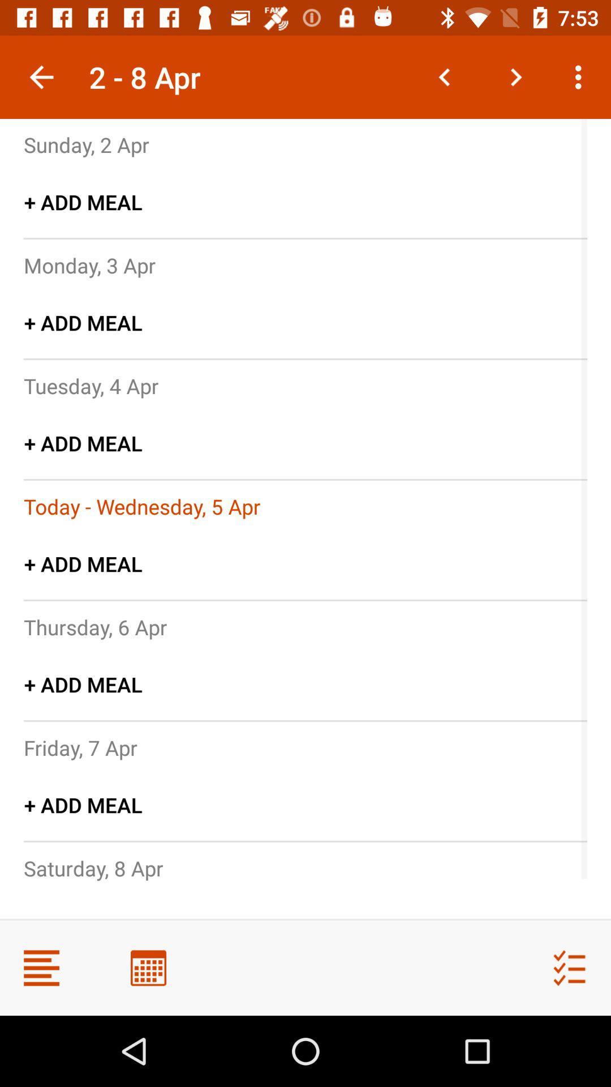 The width and height of the screenshot is (611, 1087). What do you see at coordinates (148, 967) in the screenshot?
I see `the date_range icon` at bounding box center [148, 967].